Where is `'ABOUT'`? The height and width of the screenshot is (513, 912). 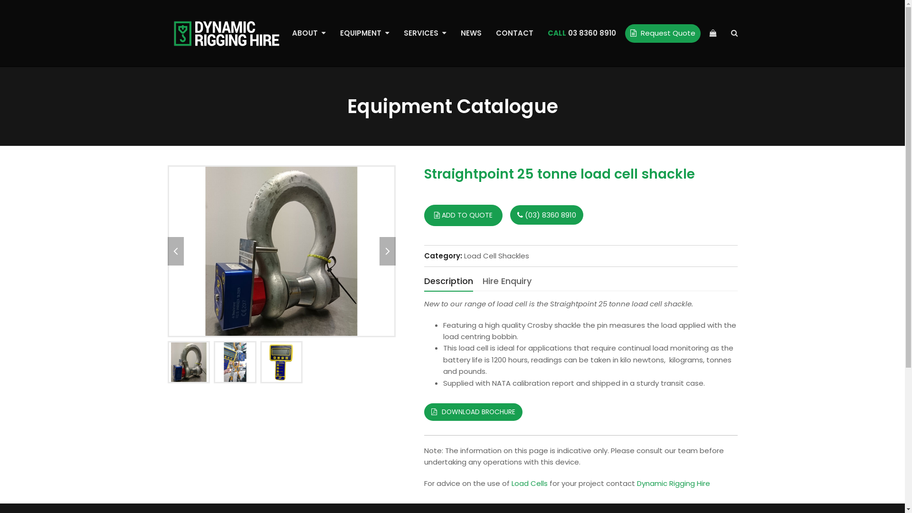
'ABOUT' is located at coordinates (309, 32).